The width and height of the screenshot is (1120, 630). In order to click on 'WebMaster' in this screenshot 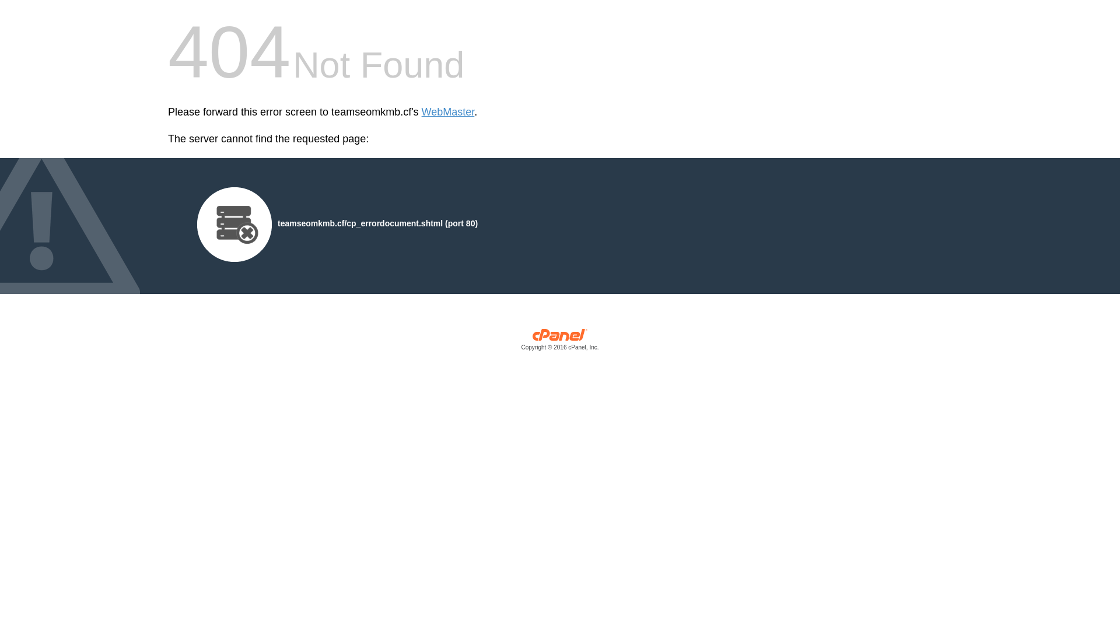, I will do `click(447, 112)`.